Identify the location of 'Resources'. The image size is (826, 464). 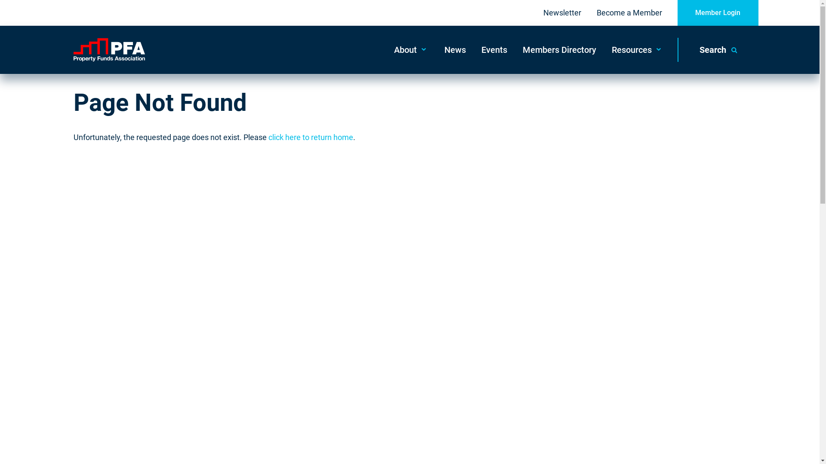
(638, 49).